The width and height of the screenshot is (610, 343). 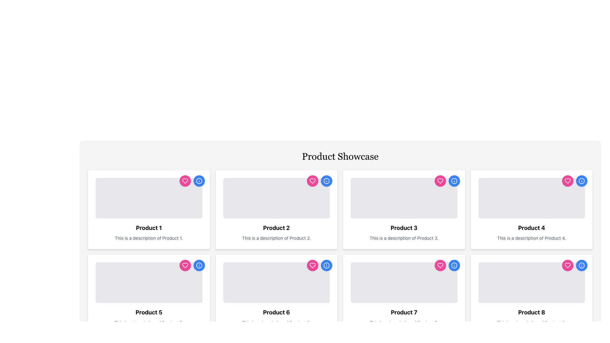 I want to click on text block that provides a brief description or further details about 'Product 3', located directly underneath the title within the third product card, so click(x=403, y=238).